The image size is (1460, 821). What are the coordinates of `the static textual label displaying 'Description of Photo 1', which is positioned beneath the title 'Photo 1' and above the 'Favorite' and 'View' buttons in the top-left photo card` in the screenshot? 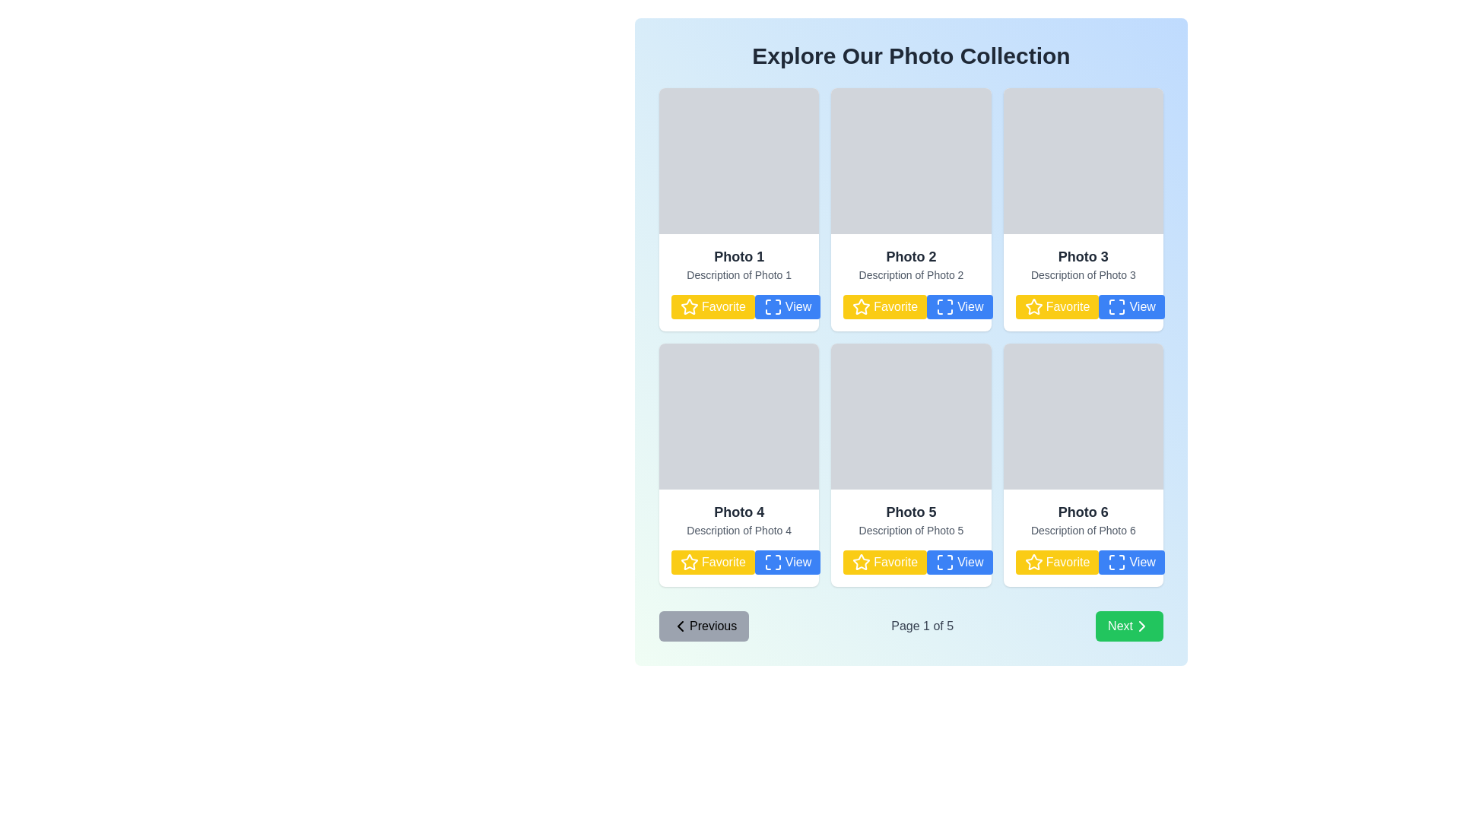 It's located at (739, 275).